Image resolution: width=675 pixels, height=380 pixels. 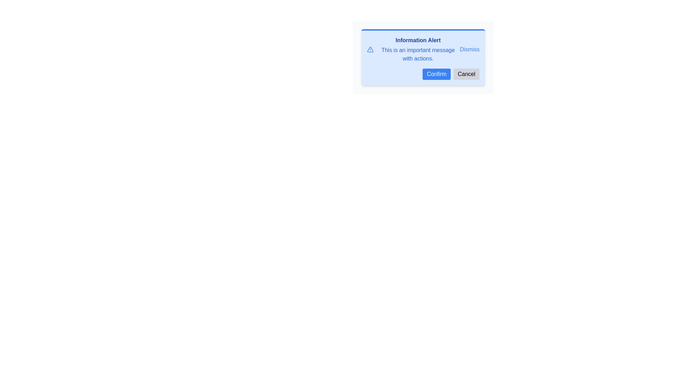 What do you see at coordinates (413, 49) in the screenshot?
I see `the Notification display that contains a blue icon on the left and the text 'Information Alert' in bold blue font, located to the left of the 'Dismiss' button` at bounding box center [413, 49].